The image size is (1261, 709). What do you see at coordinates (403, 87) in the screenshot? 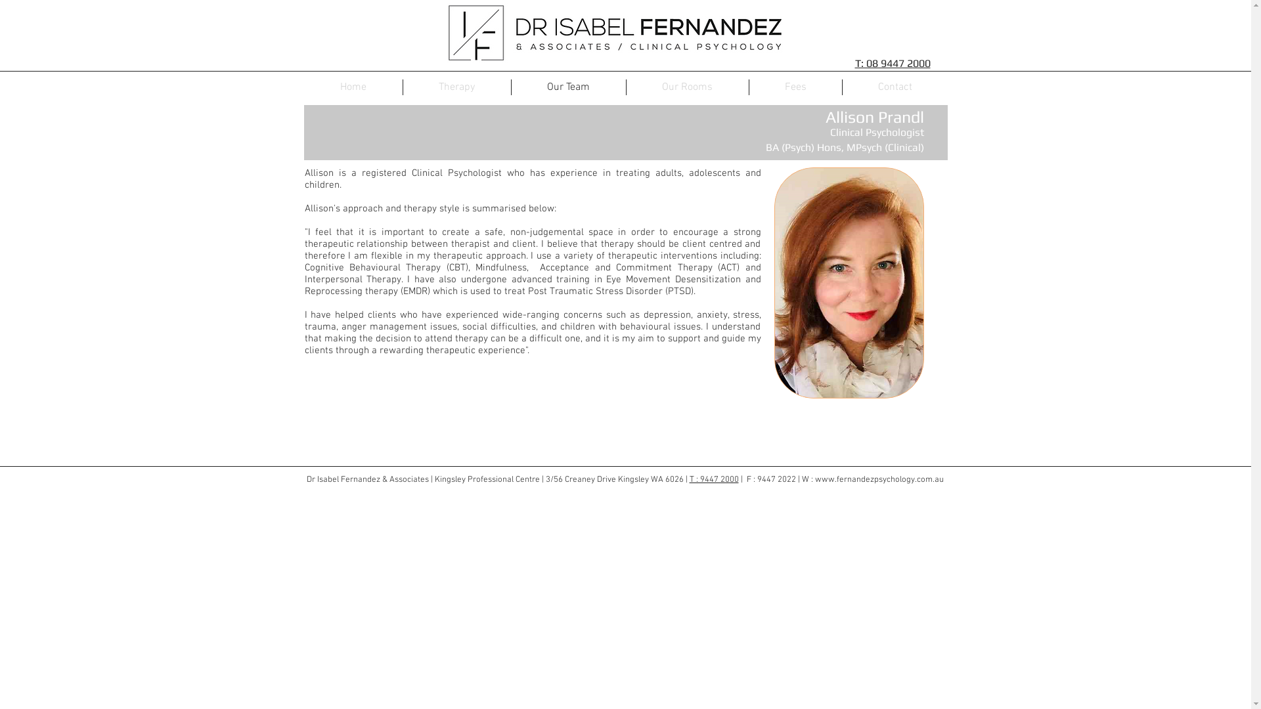
I see `'Therapy'` at bounding box center [403, 87].